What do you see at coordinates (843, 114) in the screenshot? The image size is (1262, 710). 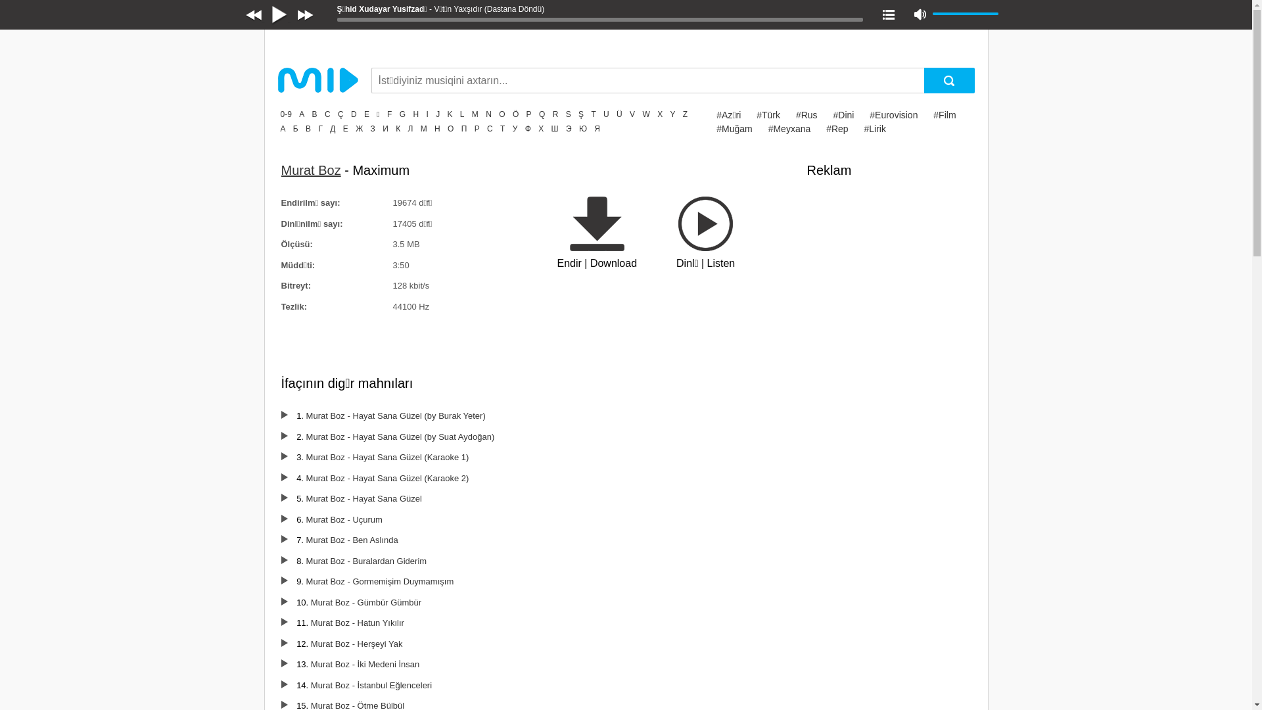 I see `'#Dini'` at bounding box center [843, 114].